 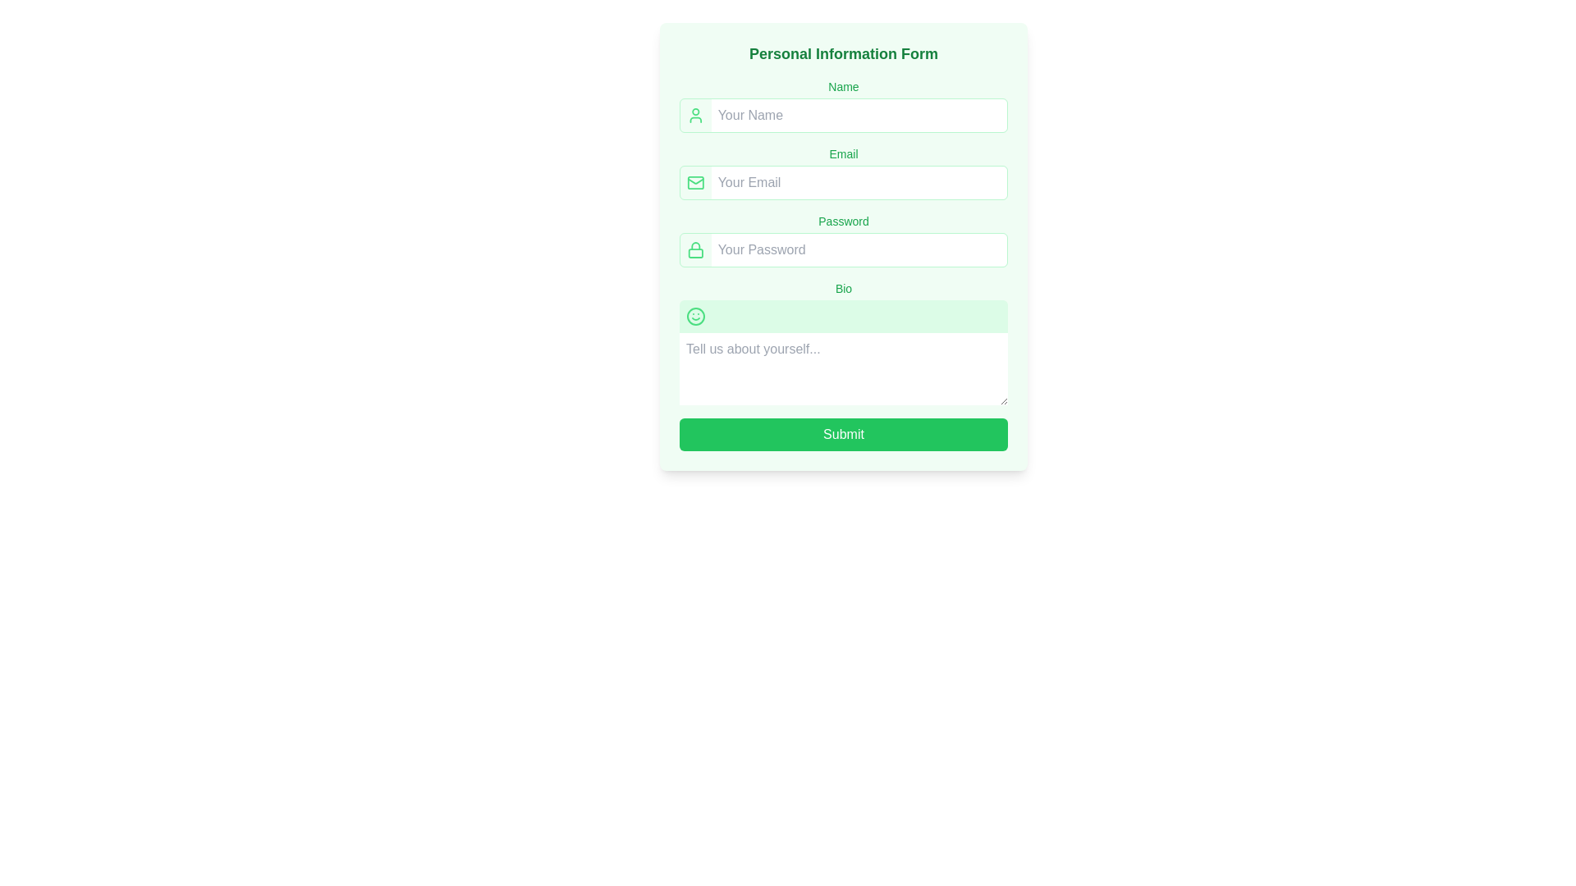 I want to click on the SVG Rectangle that represents the body of the padlock icon in the 'Personal Information Form', located beneath the shackle of the lock, so click(x=695, y=253).